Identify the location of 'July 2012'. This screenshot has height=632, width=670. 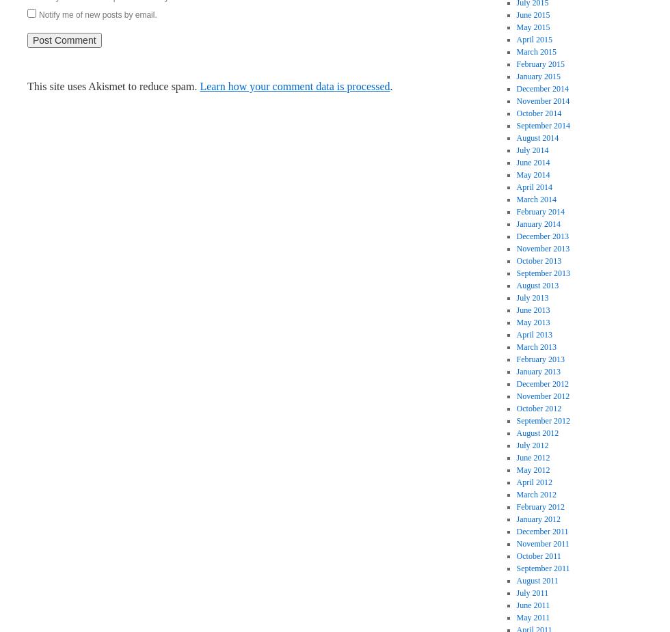
(532, 445).